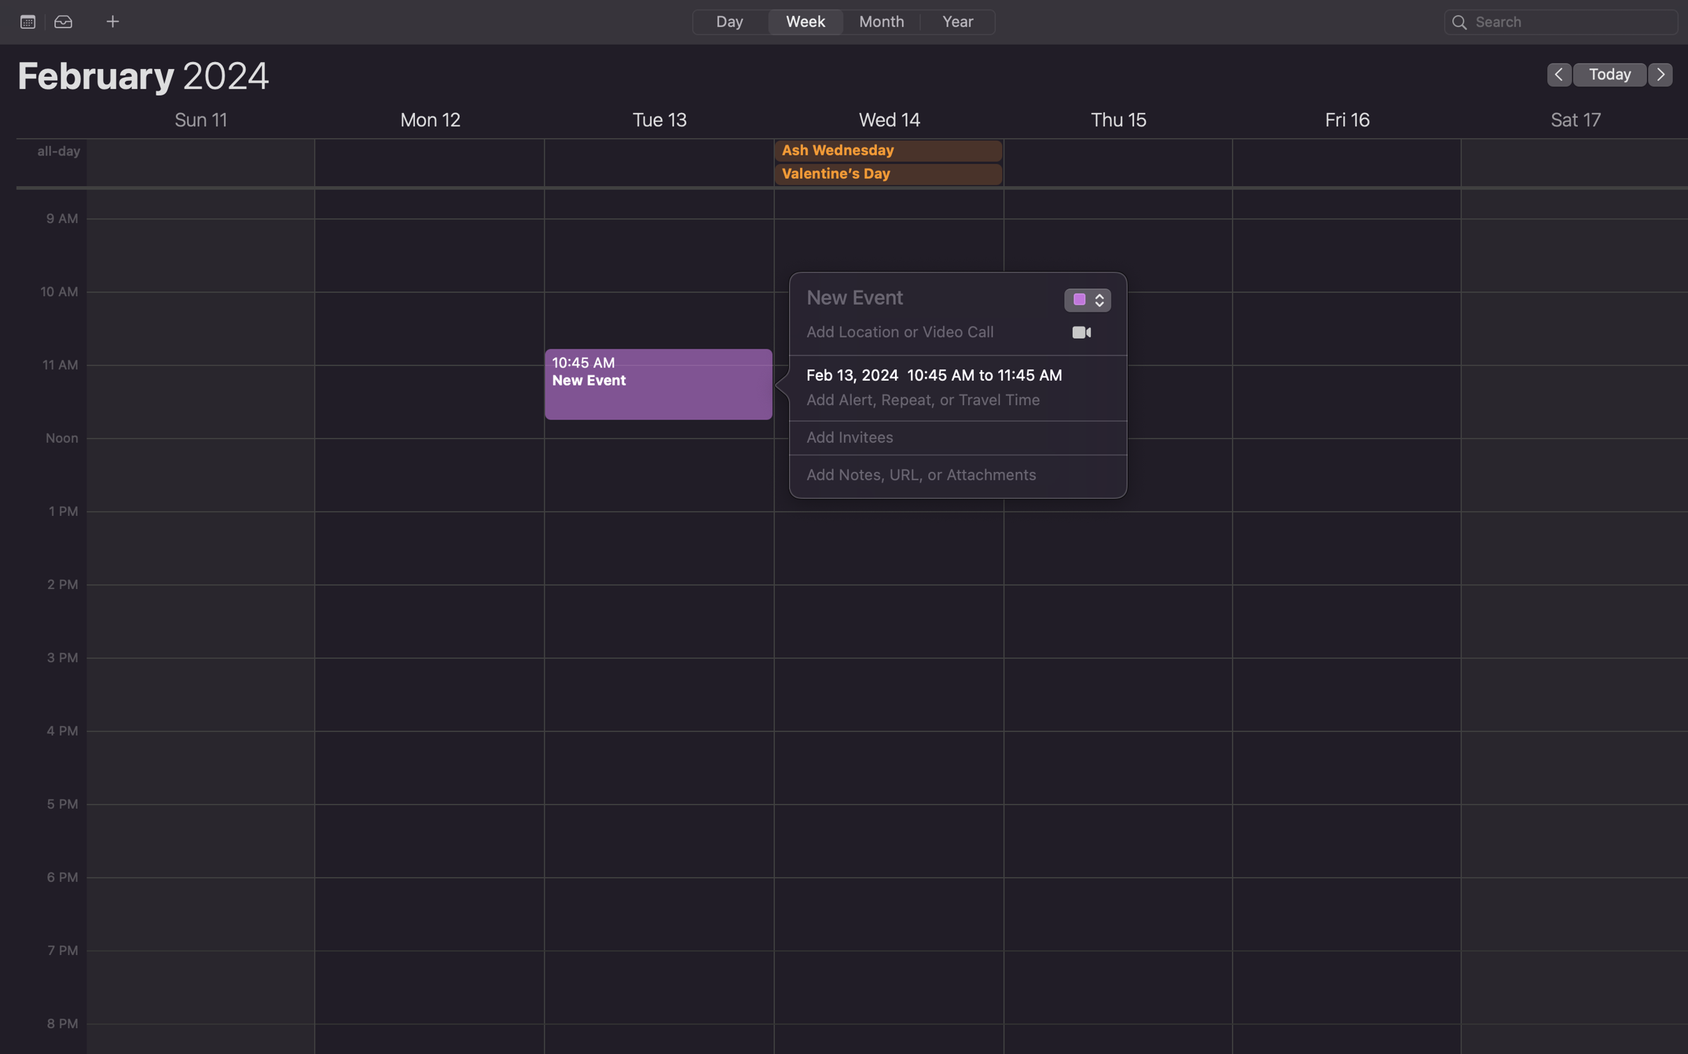 Image resolution: width=1688 pixels, height=1054 pixels. What do you see at coordinates (925, 337) in the screenshot?
I see `Register the location "Conference Room 2"` at bounding box center [925, 337].